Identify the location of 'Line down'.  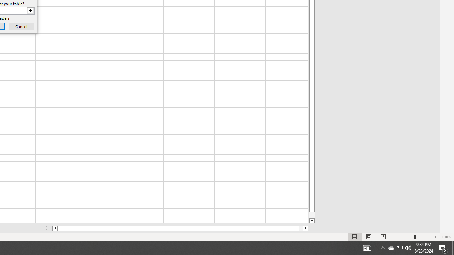
(312, 221).